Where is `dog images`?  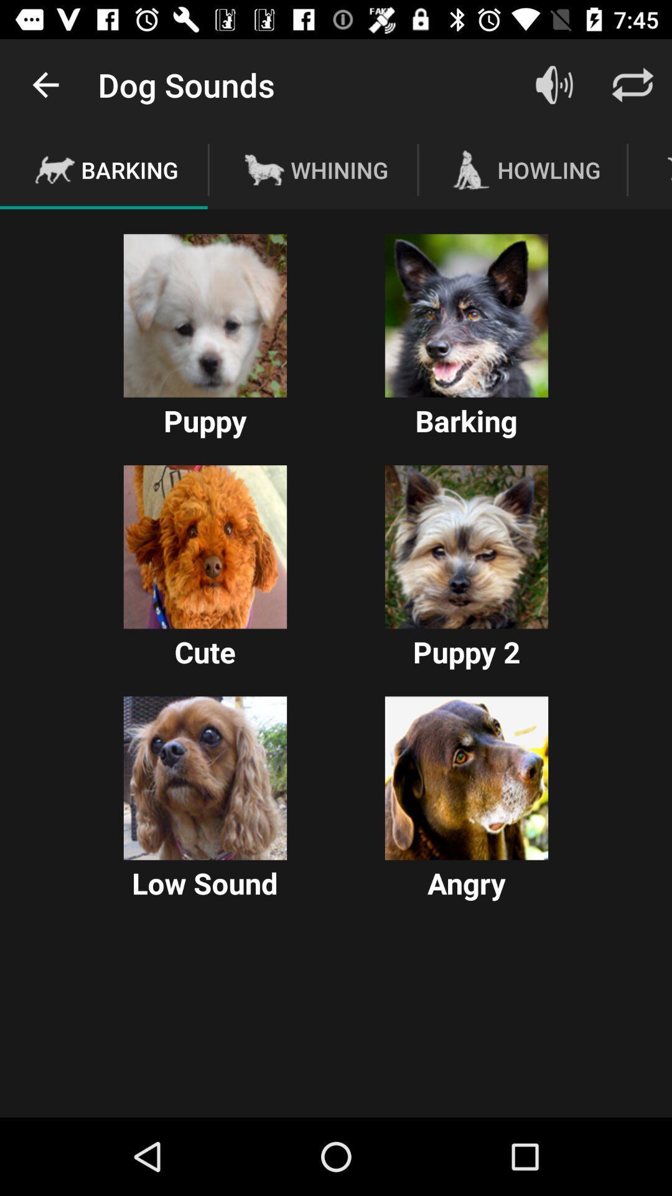
dog images is located at coordinates (466, 547).